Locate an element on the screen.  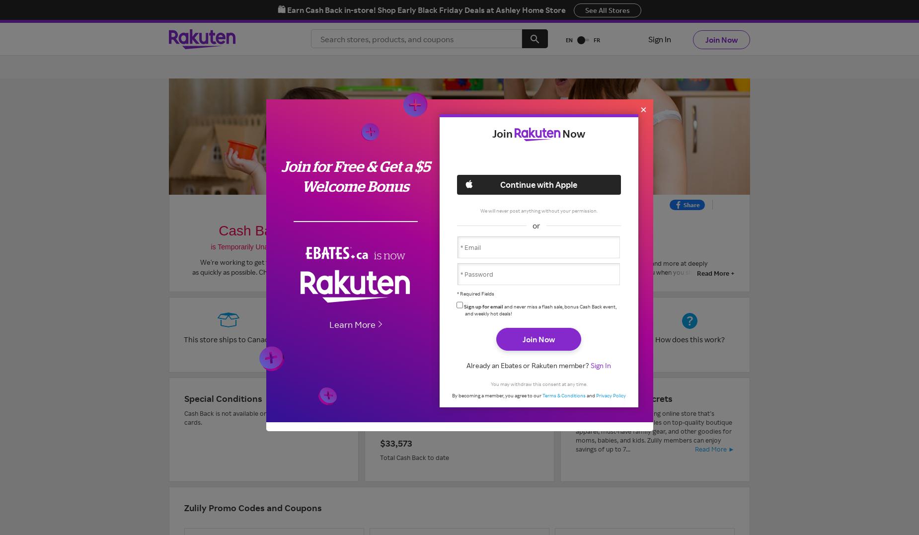
'Zulily is a new up-and-coming online store that’s known for offering daily sales on top-quality boutique apparel, must-have family gear, and other goodies for moms, babies, and kids. Zulily members can enjoy savings of up to 7...' is located at coordinates (574, 430).